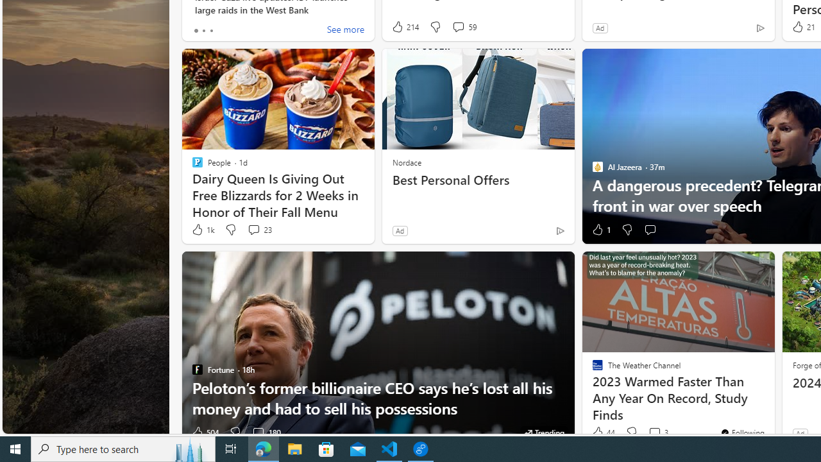  What do you see at coordinates (265, 432) in the screenshot?
I see `'View comments 180 Comment'` at bounding box center [265, 432].